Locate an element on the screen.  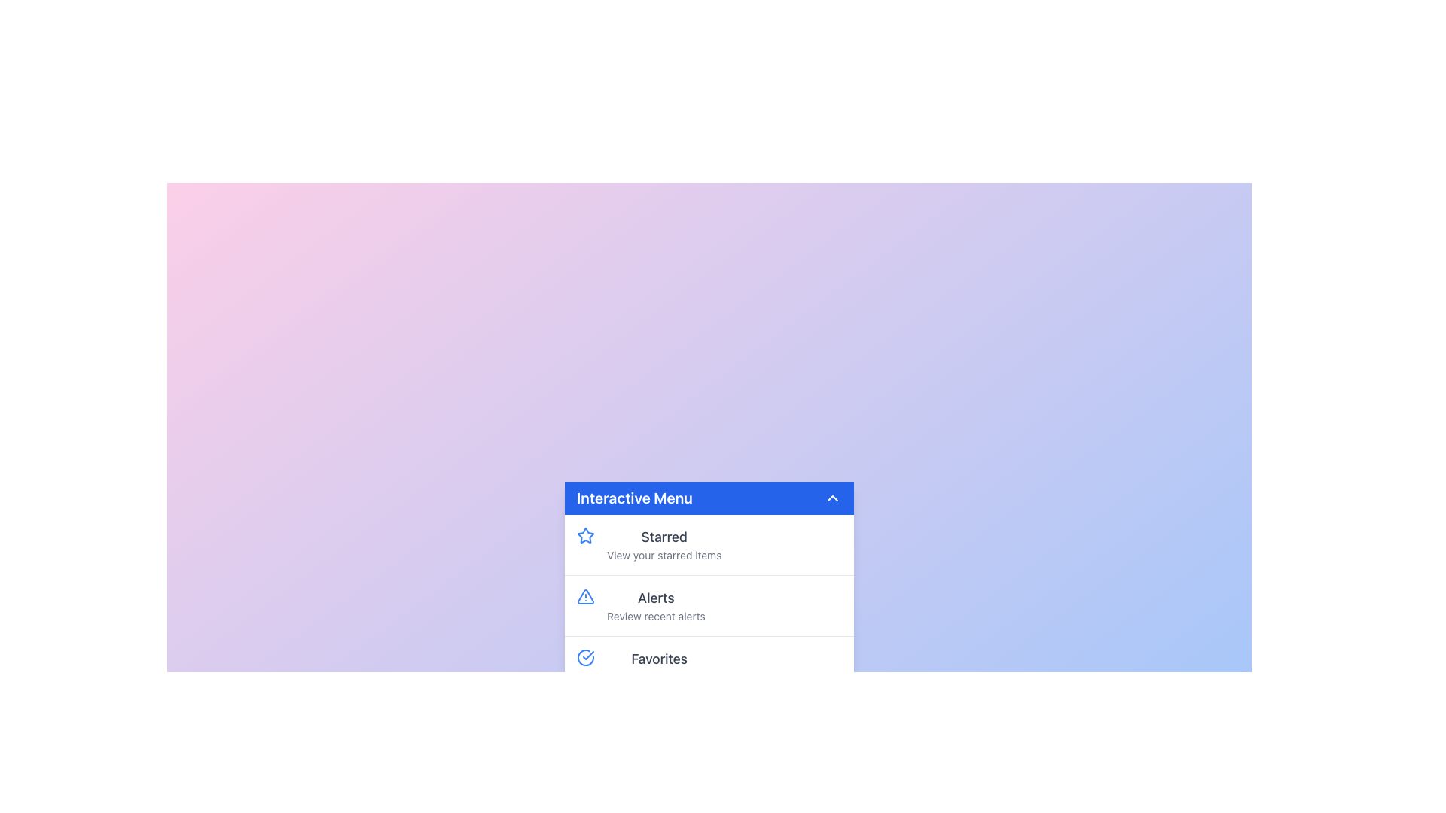
the collapse button located at the far right of the 'Interactive Menu' header bar to minimize the menu is located at coordinates (831, 498).